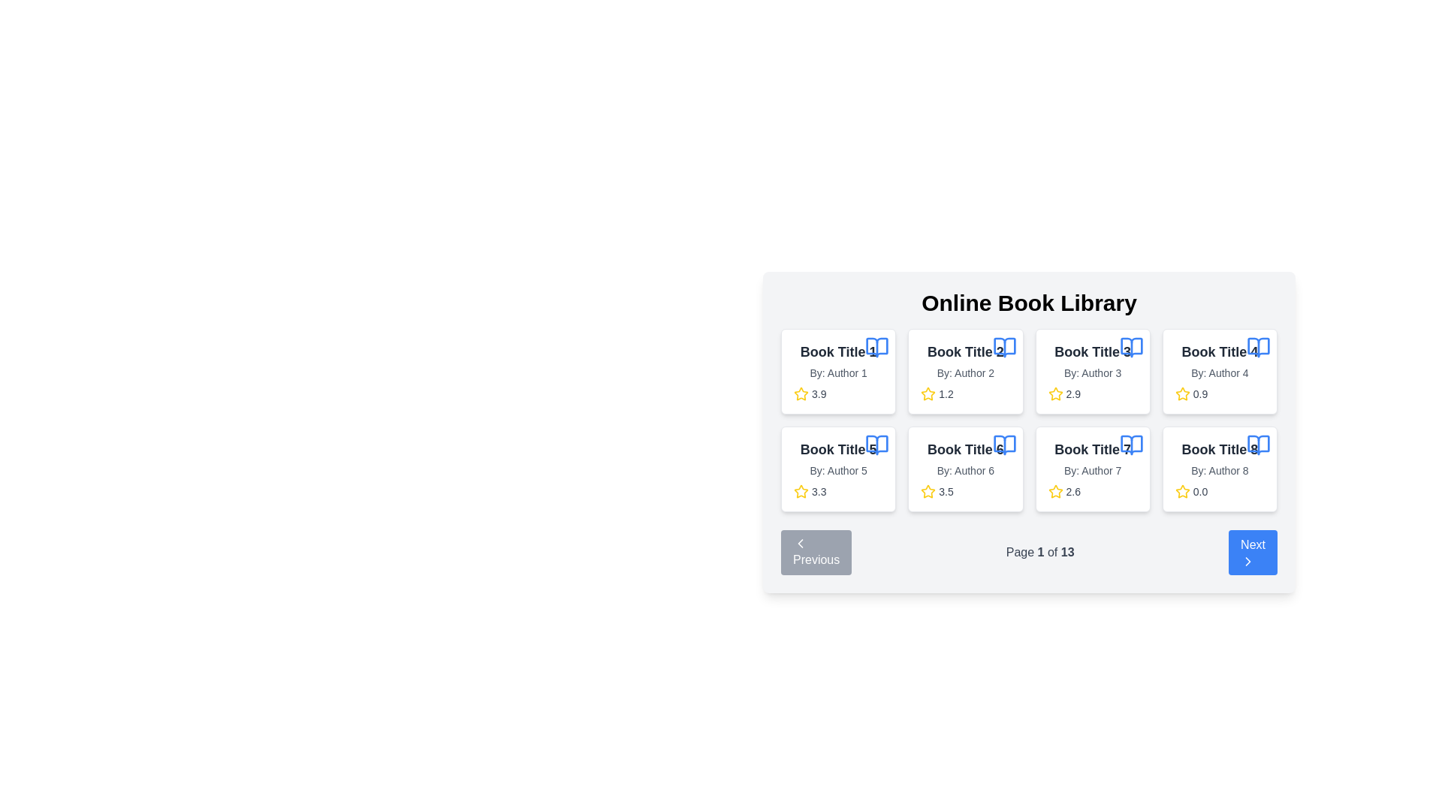  Describe the element at coordinates (1258, 347) in the screenshot. I see `the lower portion of the open book icon in the top-right corner of the card for 'Book Title 4', which is positioned beside the text label and slightly above the rating section with stars` at that location.